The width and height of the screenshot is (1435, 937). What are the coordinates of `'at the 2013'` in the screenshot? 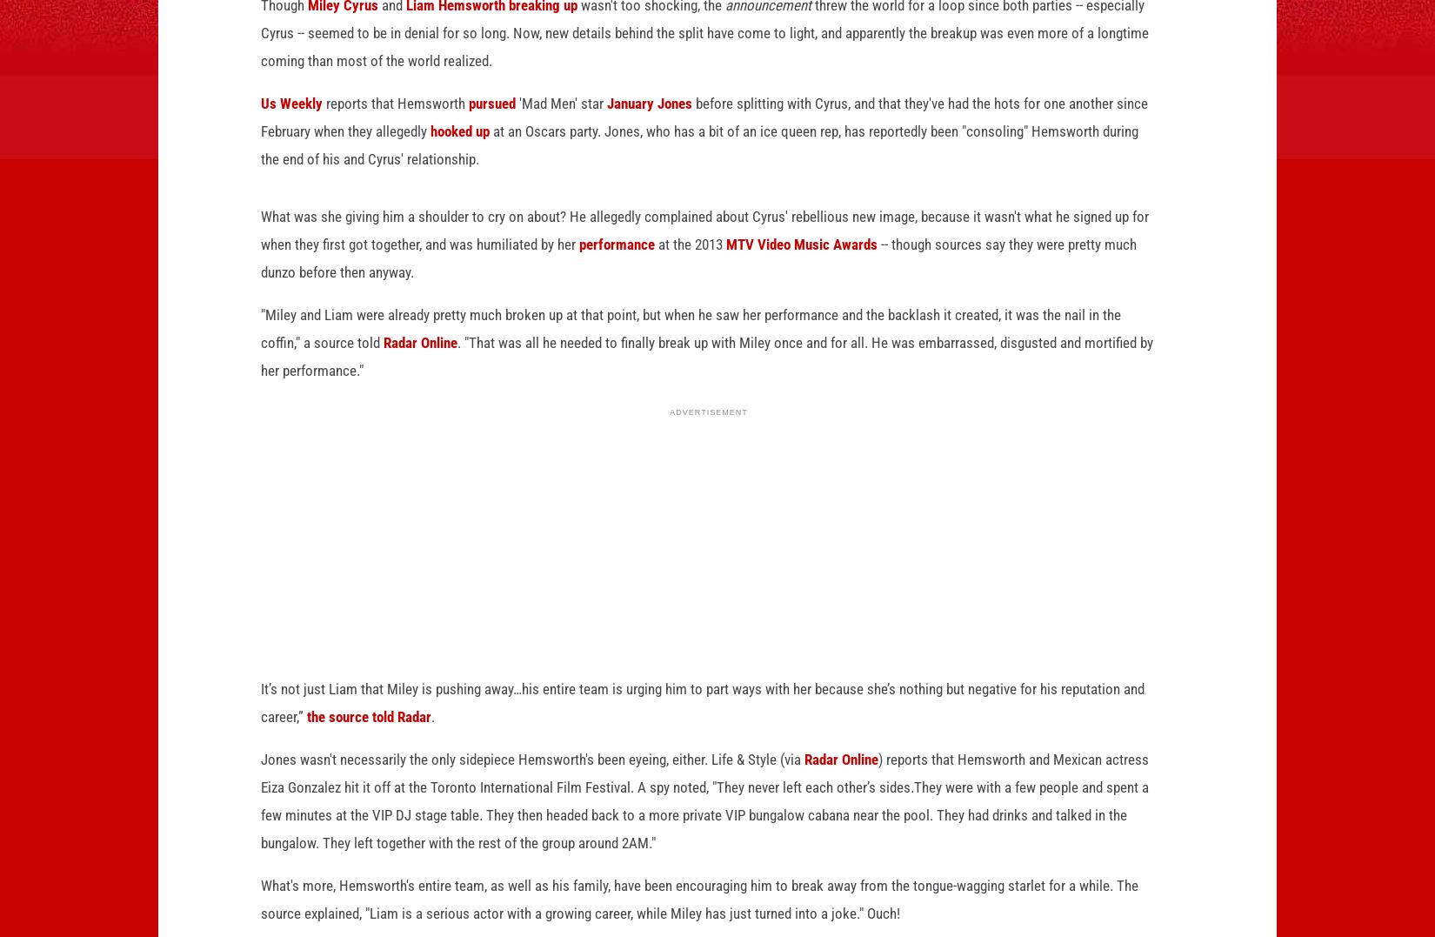 It's located at (654, 271).